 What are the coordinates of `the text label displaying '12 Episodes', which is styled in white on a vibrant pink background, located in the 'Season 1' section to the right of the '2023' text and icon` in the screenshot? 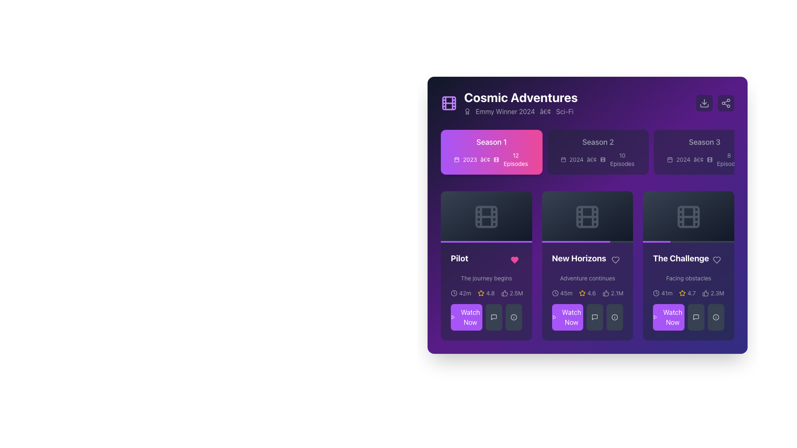 It's located at (515, 160).